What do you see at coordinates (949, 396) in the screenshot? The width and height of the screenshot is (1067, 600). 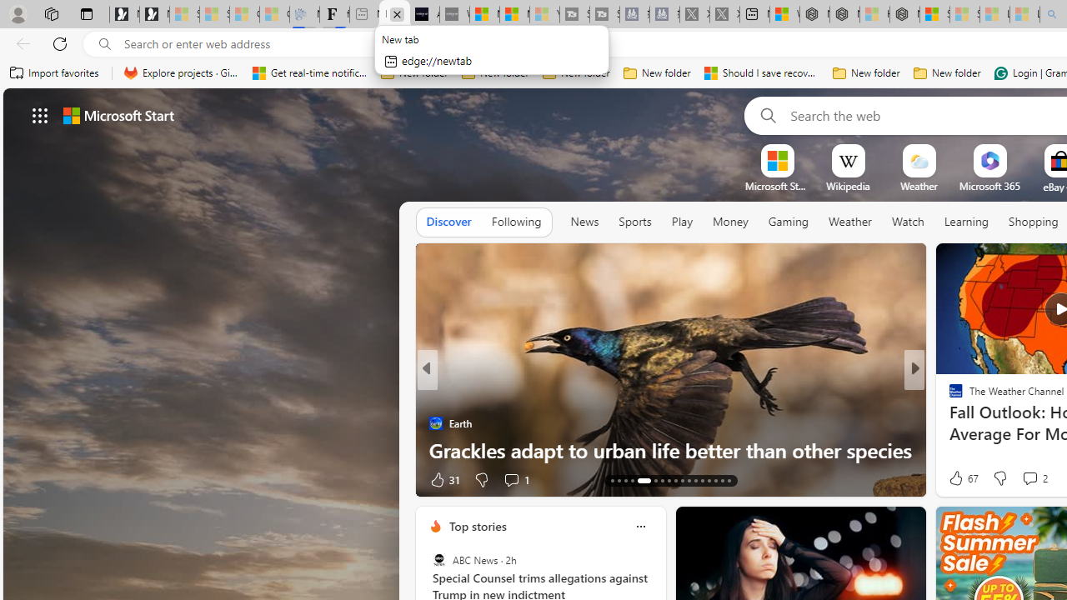 I see `'Fox Weather'` at bounding box center [949, 396].